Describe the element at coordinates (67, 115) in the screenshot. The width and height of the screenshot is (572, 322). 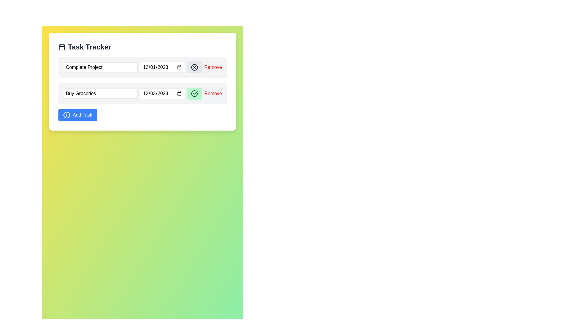
I see `the circular icon with a blue outline and white background, which is part of the 'Add Task' button` at that location.